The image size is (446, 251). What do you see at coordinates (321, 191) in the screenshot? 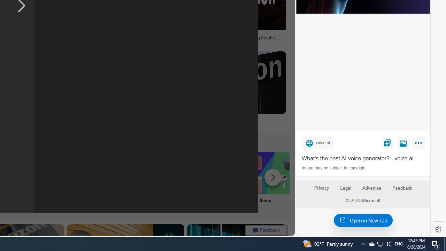
I see `'Privacy'` at bounding box center [321, 191].